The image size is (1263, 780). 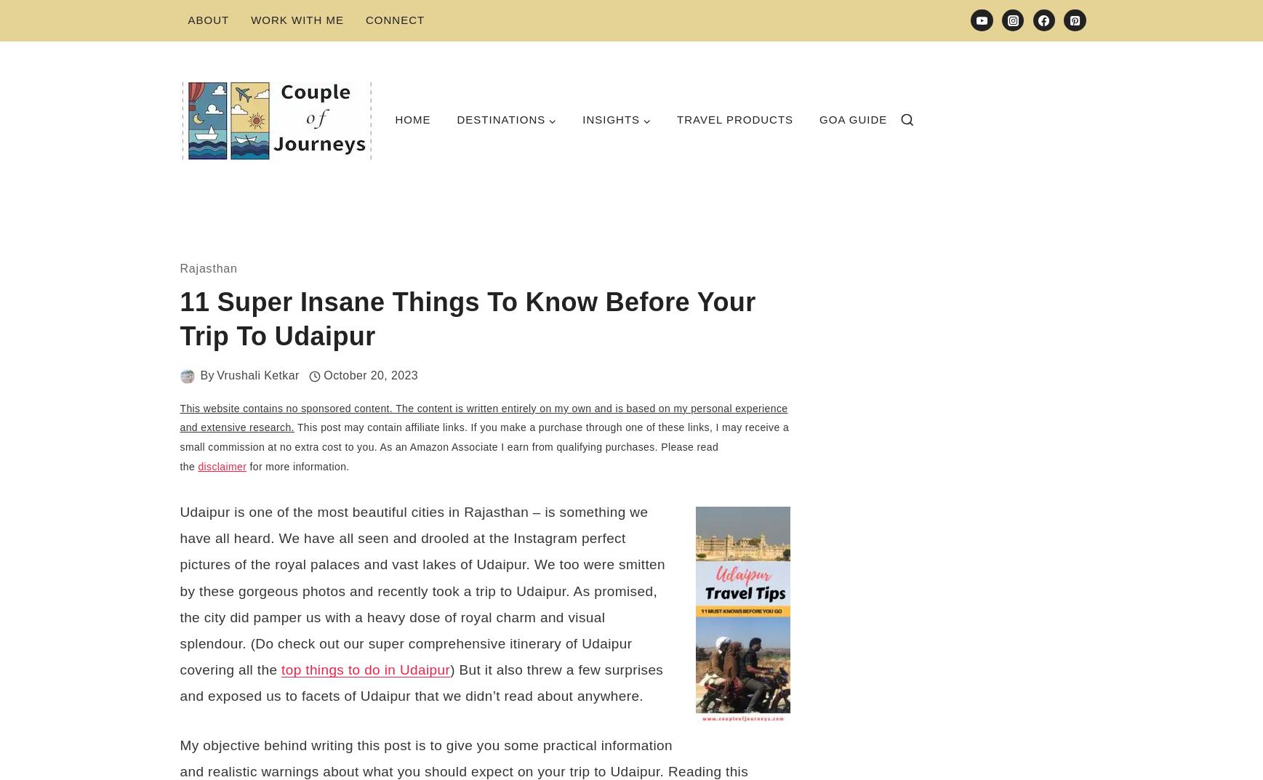 What do you see at coordinates (420, 682) in the screenshot?
I see `') But it also threw a few surprises and exposed us to facets of Udaipur that we didn’t read about anywhere.'` at bounding box center [420, 682].